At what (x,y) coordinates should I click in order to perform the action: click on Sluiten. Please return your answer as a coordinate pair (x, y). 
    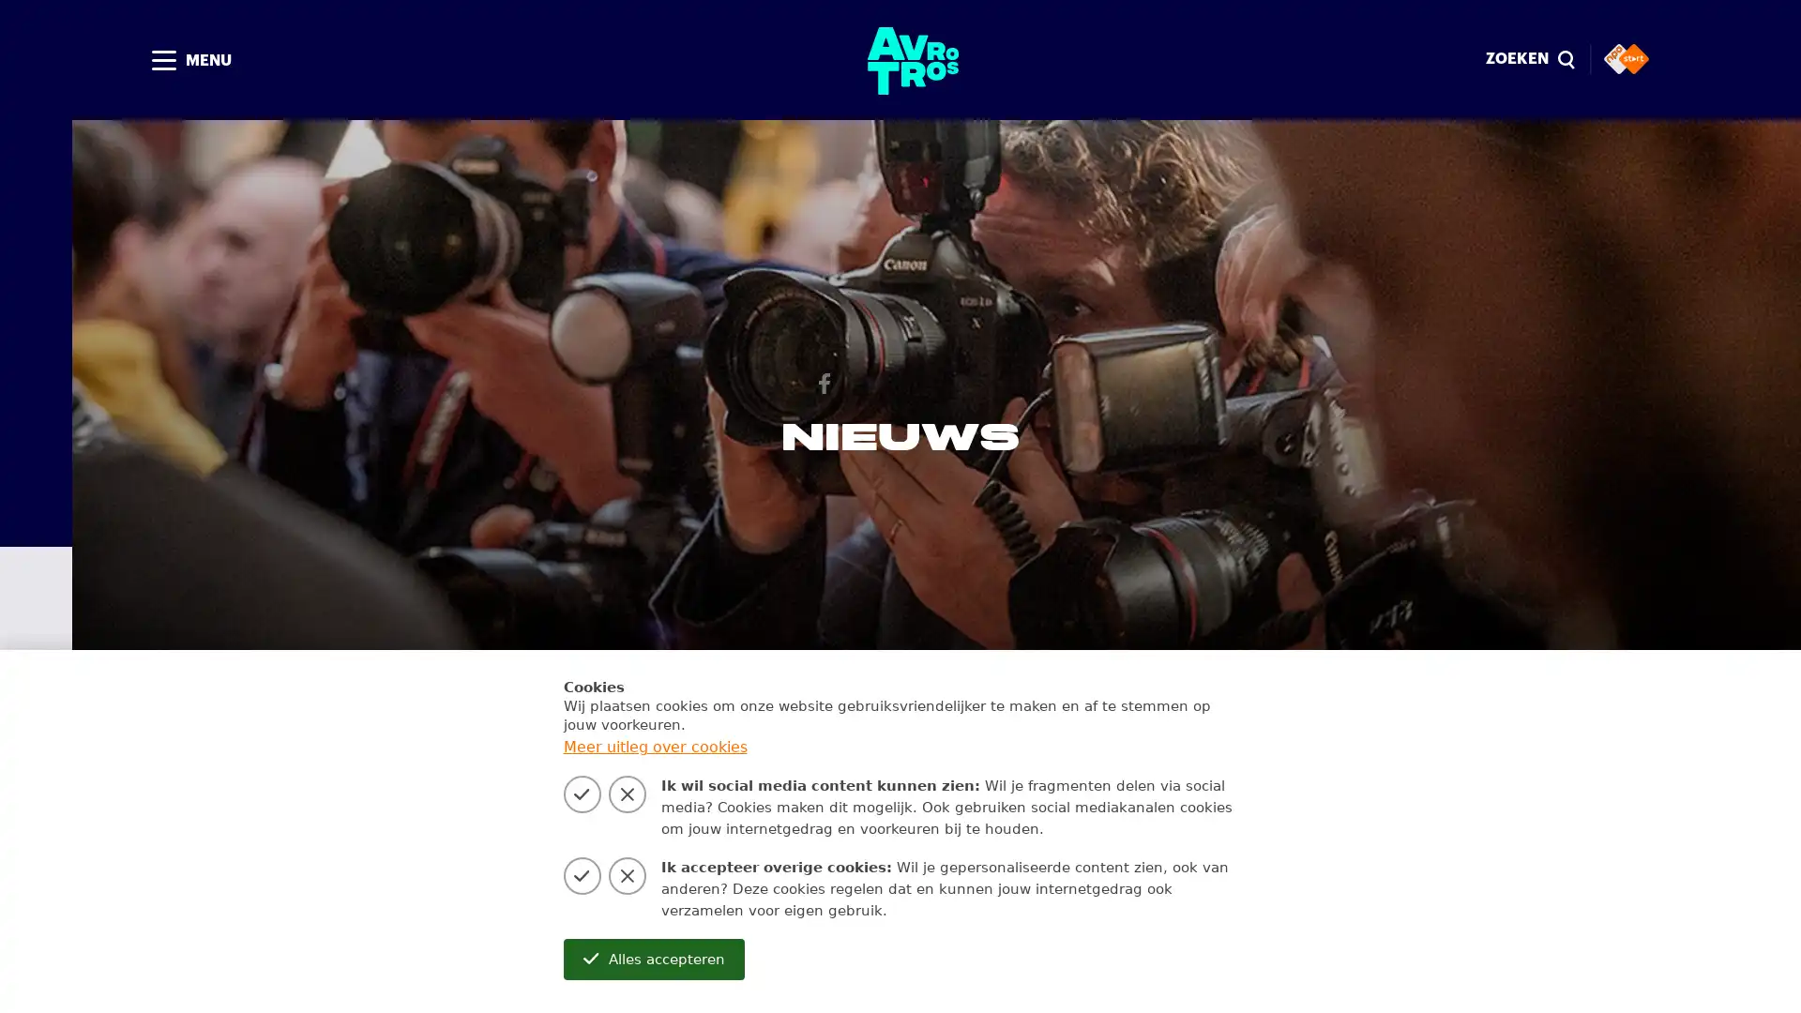
    Looking at the image, I should click on (1566, 60).